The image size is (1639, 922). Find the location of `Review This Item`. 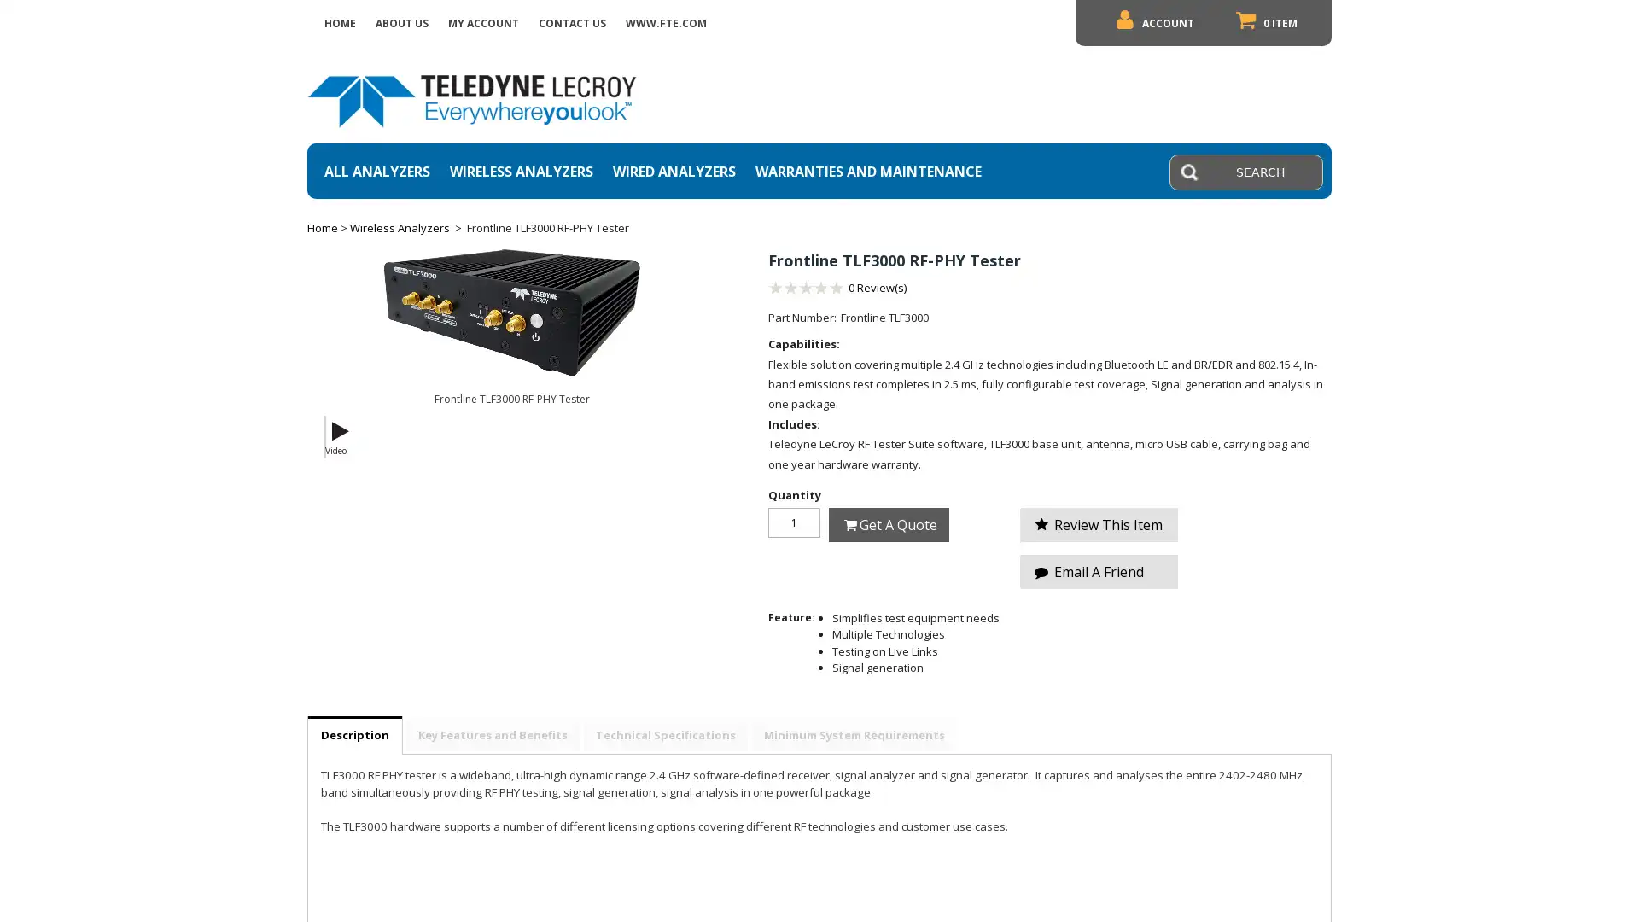

Review This Item is located at coordinates (1099, 522).